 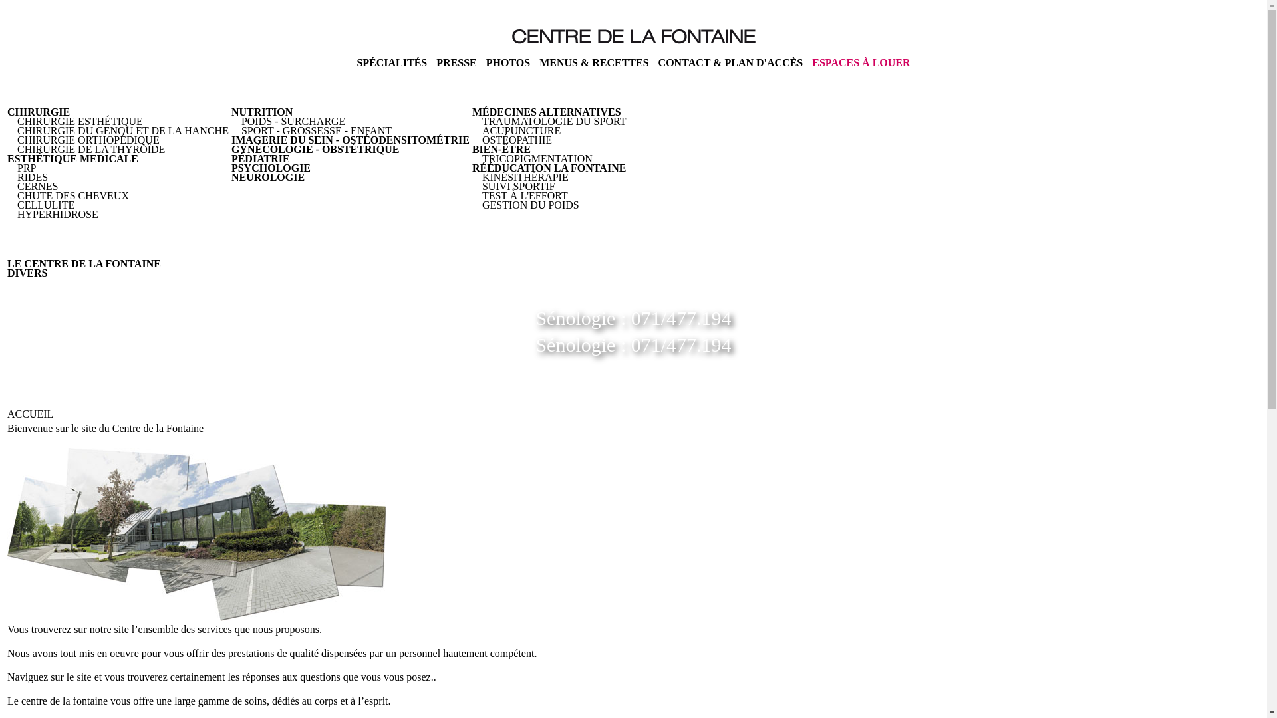 I want to click on 'TRAUMATOLOGIE DU SPORT', so click(x=554, y=121).